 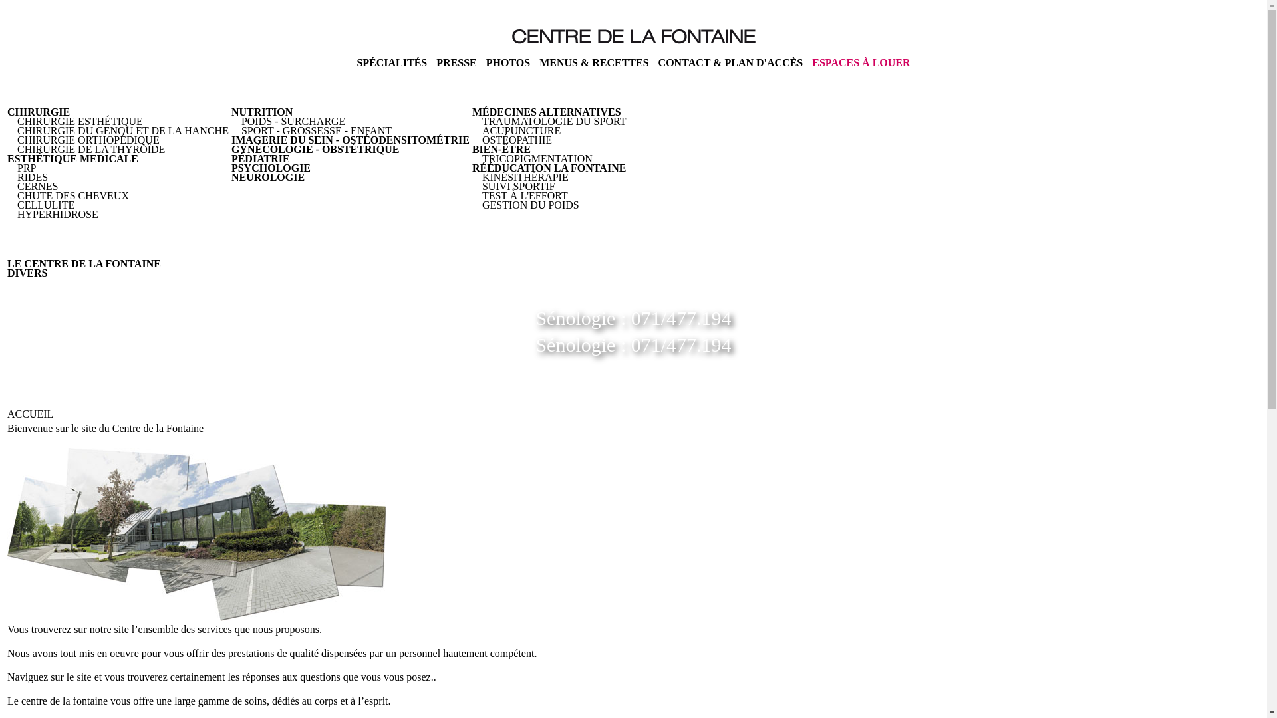 I want to click on 'TRAUMATOLOGIE DU SPORT', so click(x=554, y=121).